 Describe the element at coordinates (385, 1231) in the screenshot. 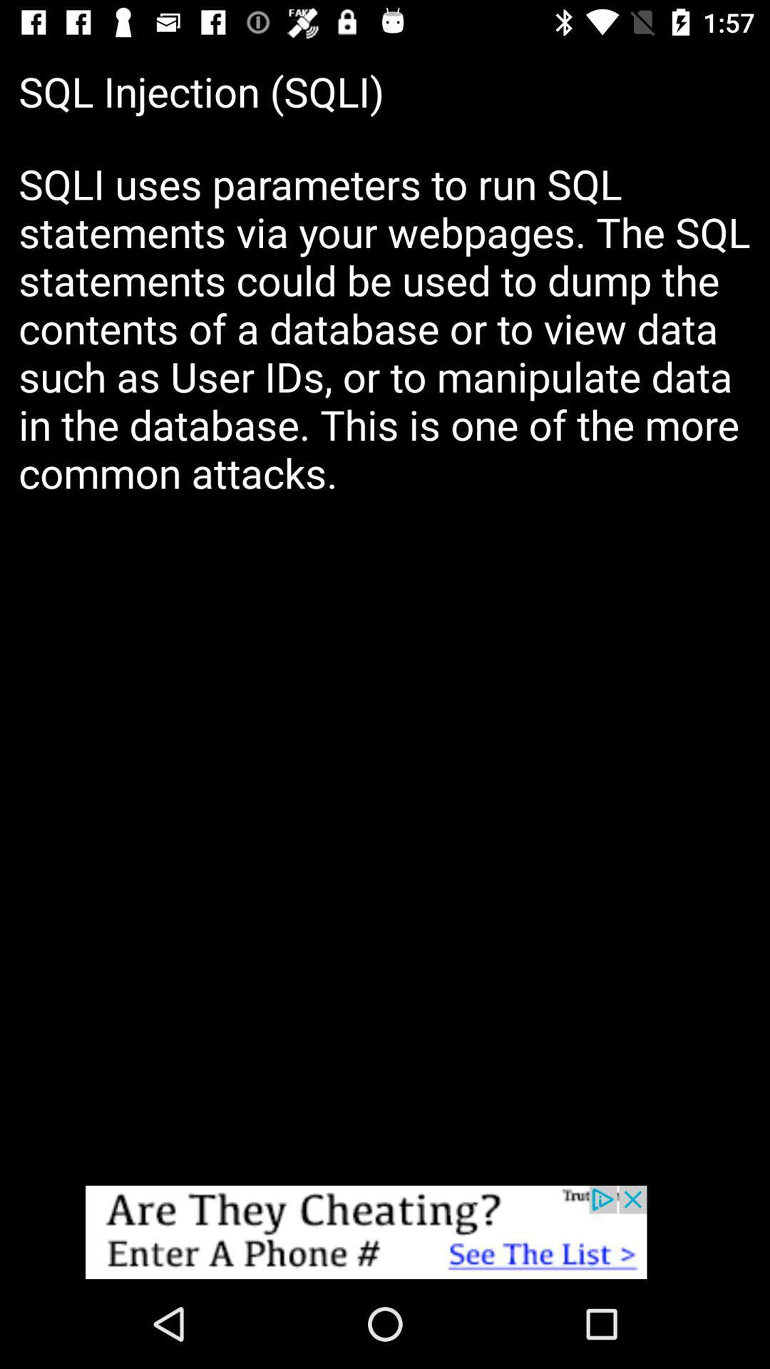

I see `open advertisement` at that location.